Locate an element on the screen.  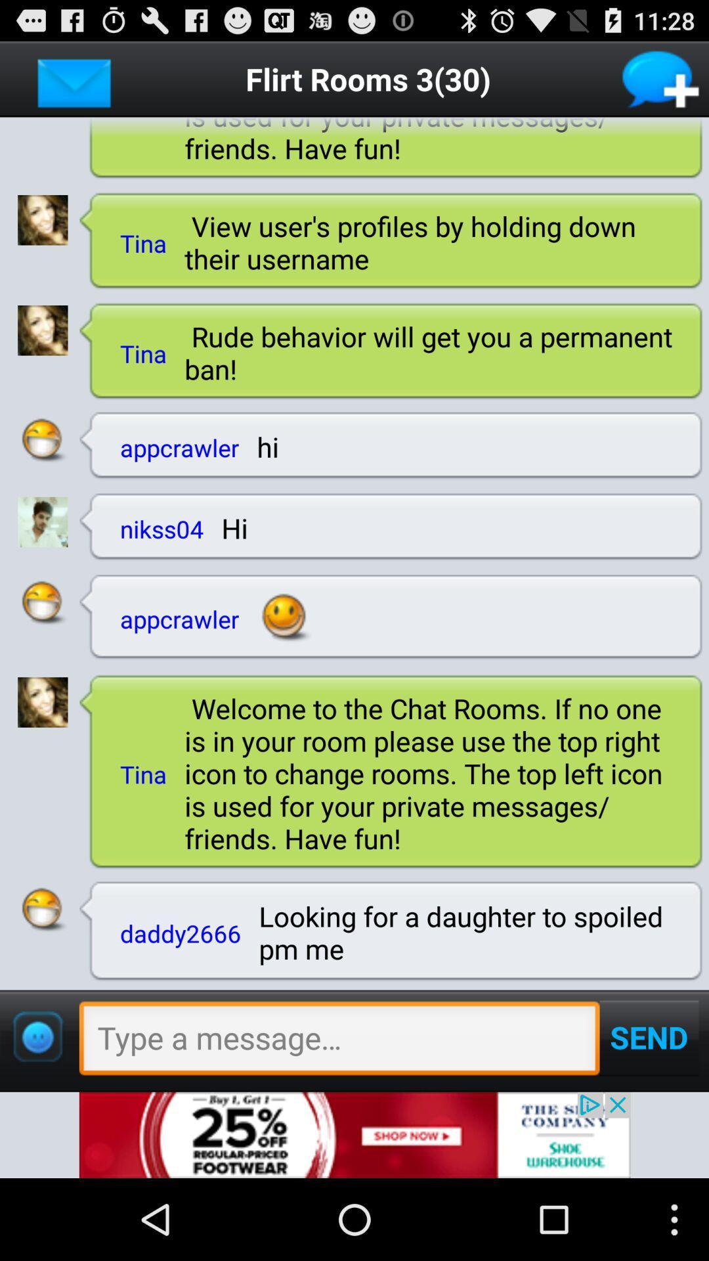
user photo is located at coordinates (42, 330).